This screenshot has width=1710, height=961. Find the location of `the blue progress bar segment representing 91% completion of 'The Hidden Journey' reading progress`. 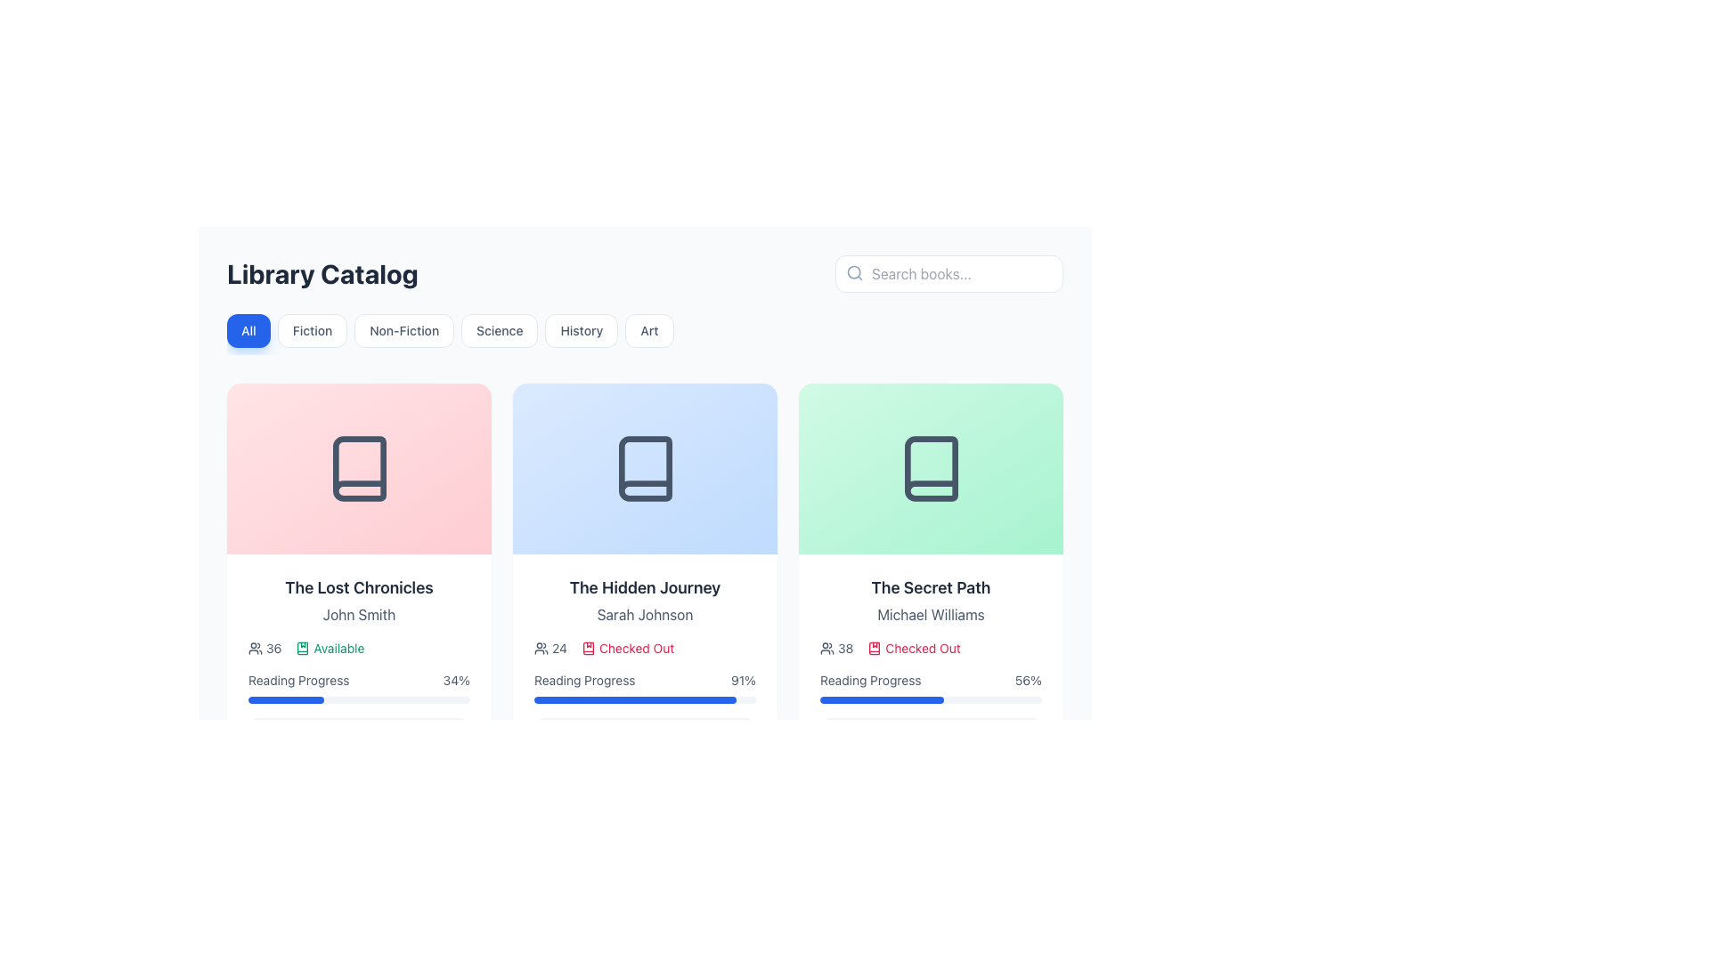

the blue progress bar segment representing 91% completion of 'The Hidden Journey' reading progress is located at coordinates (635, 699).